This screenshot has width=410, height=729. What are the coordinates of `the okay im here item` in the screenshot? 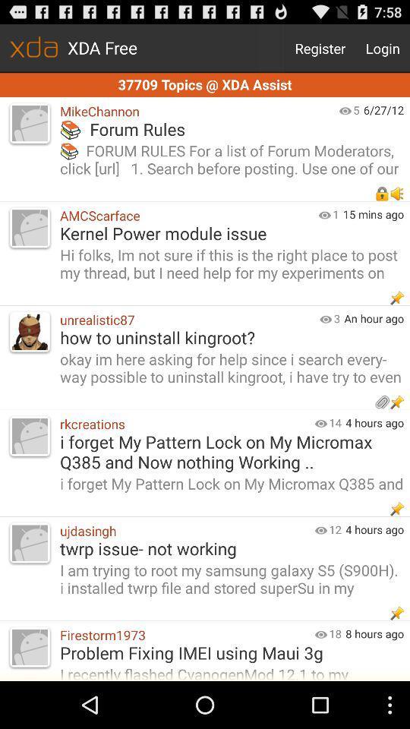 It's located at (230, 369).